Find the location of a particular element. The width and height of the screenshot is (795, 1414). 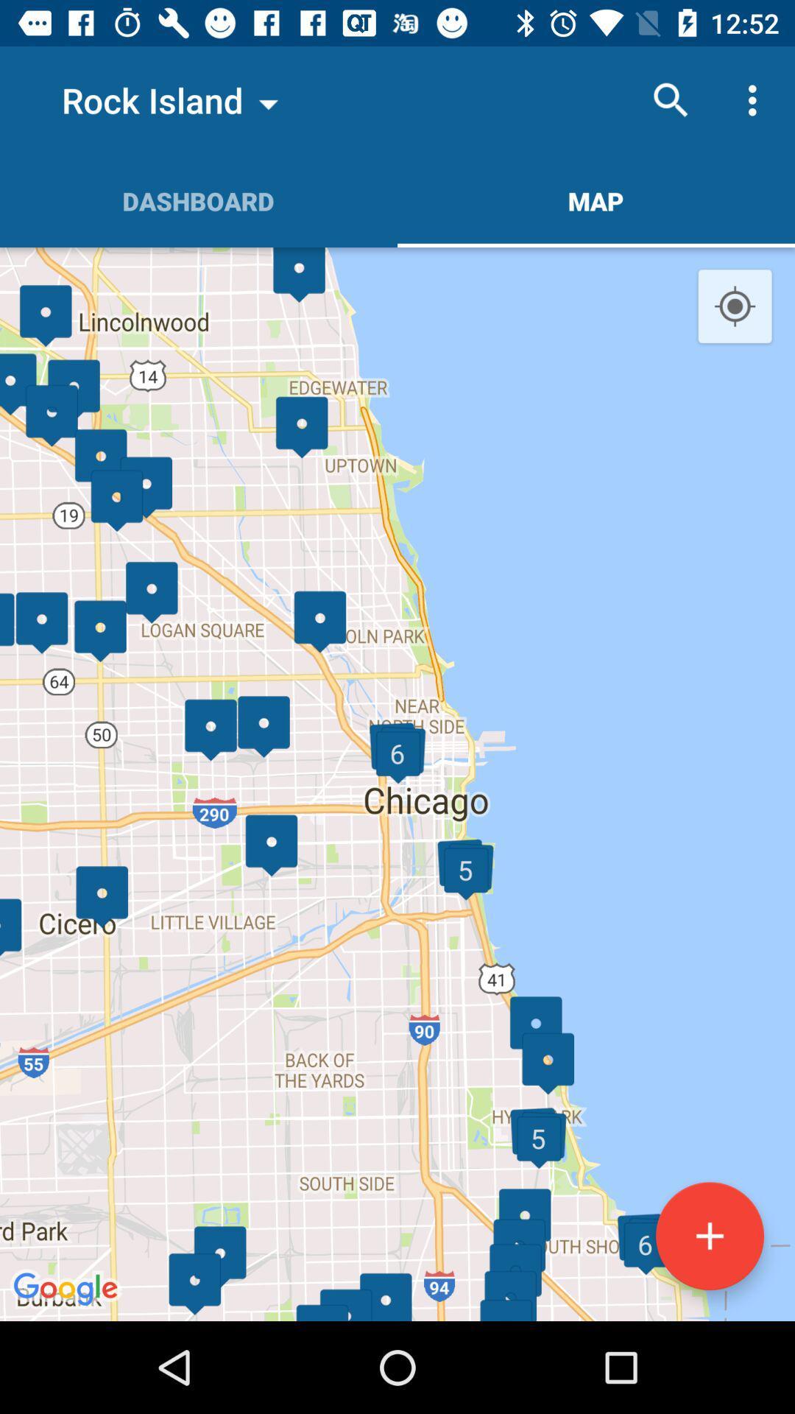

icon to the right of the rock island item is located at coordinates (671, 99).